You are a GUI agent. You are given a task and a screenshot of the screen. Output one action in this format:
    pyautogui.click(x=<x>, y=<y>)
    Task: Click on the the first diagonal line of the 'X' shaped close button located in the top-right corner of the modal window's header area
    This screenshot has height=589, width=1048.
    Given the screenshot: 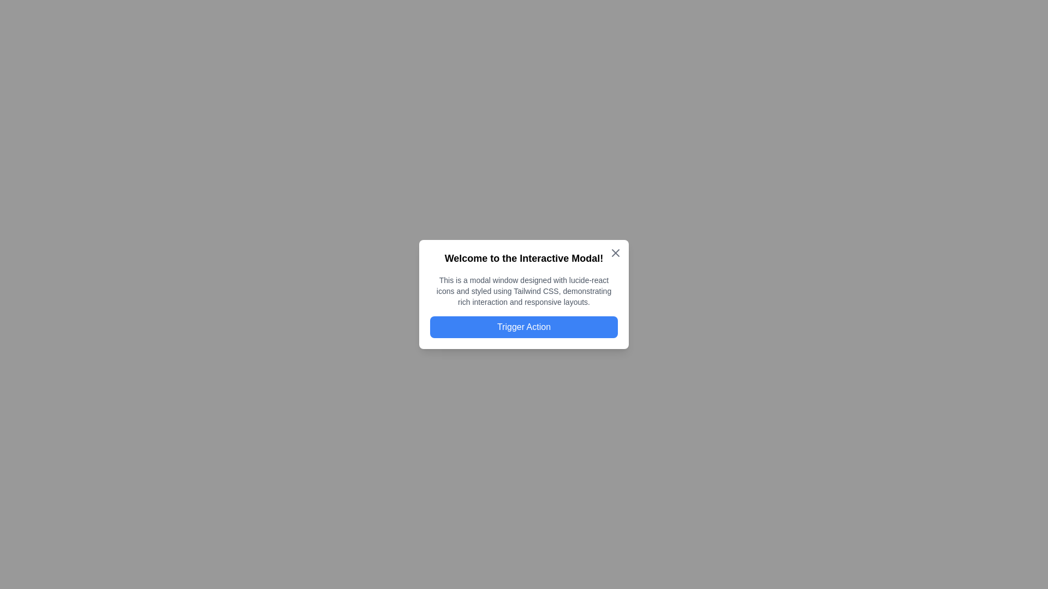 What is the action you would take?
    pyautogui.click(x=616, y=253)
    